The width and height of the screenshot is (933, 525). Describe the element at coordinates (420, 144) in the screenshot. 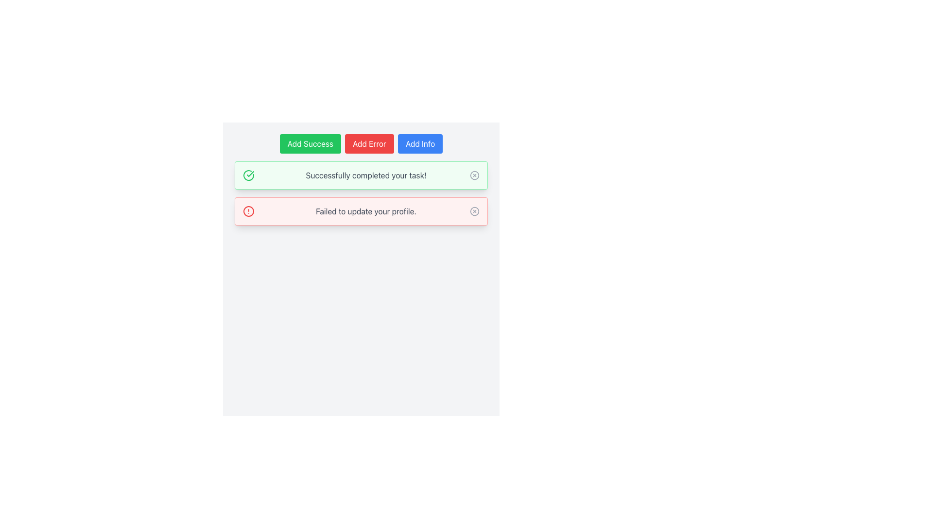

I see `the blue rectangular button labeled 'Add Info'` at that location.